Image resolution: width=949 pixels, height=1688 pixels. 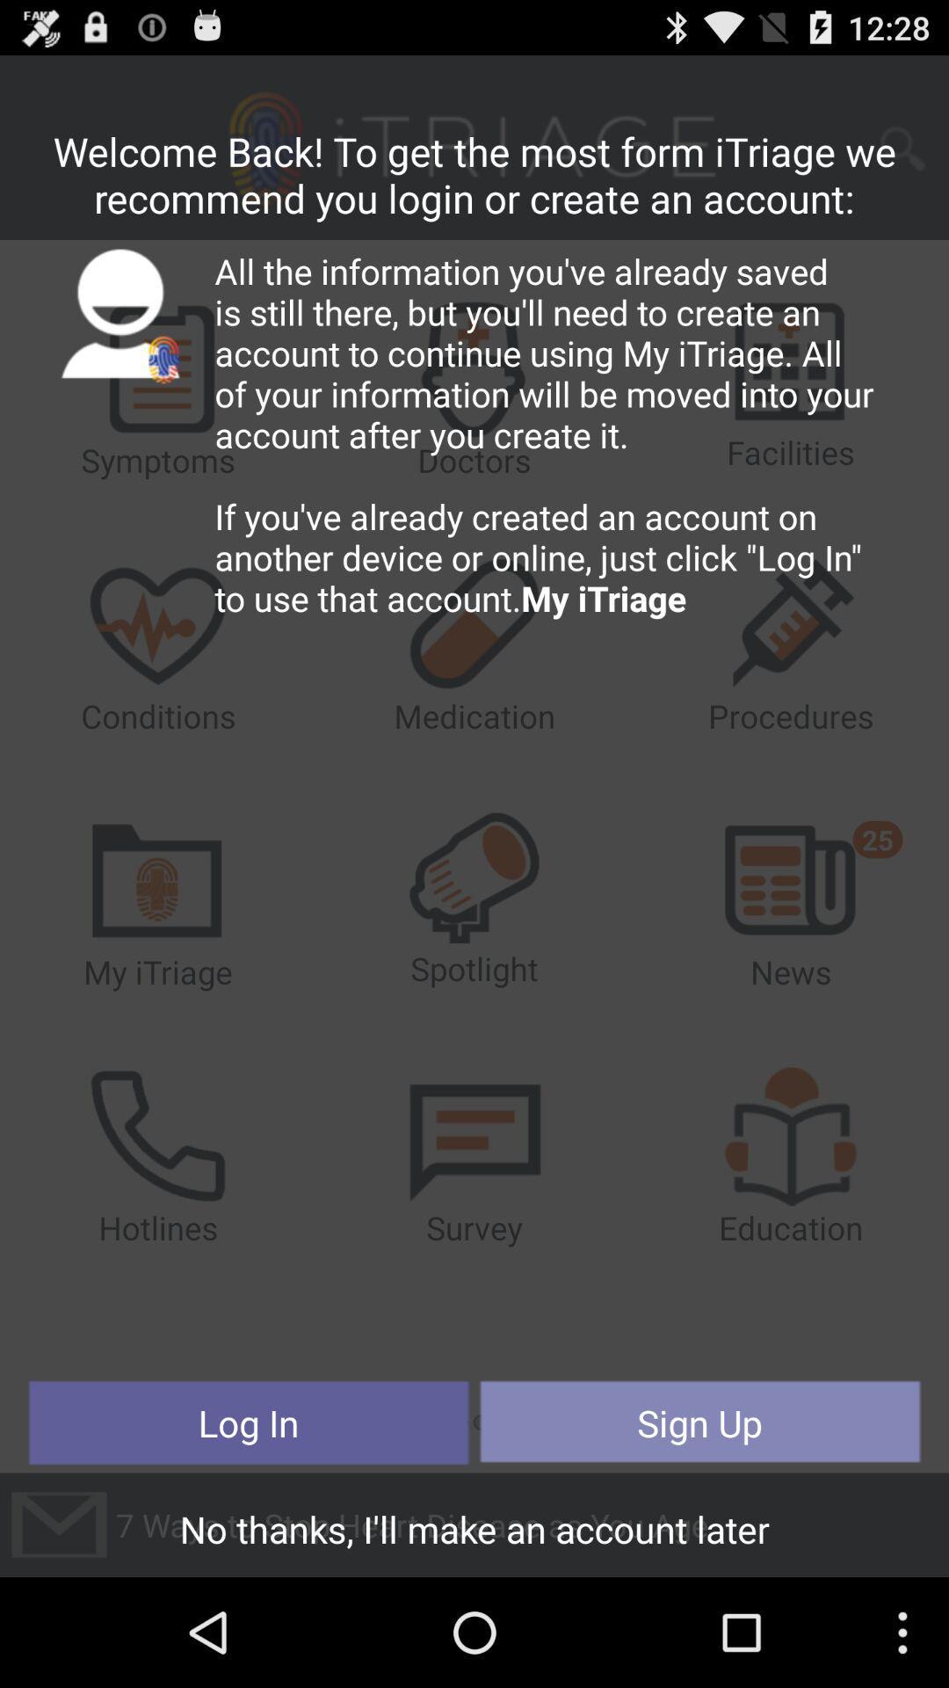 I want to click on the sign up item, so click(x=699, y=1422).